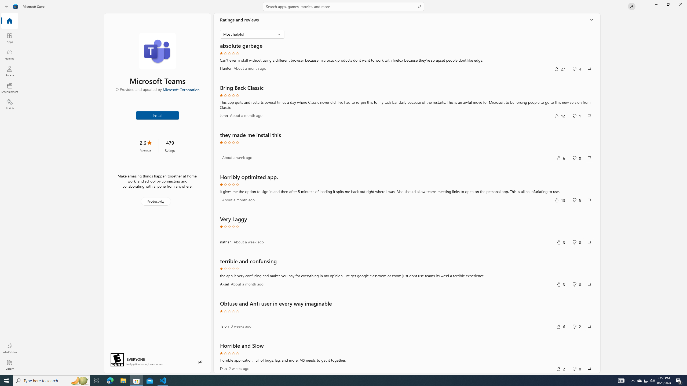 The width and height of the screenshot is (687, 386). I want to click on 'What', so click(9, 348).